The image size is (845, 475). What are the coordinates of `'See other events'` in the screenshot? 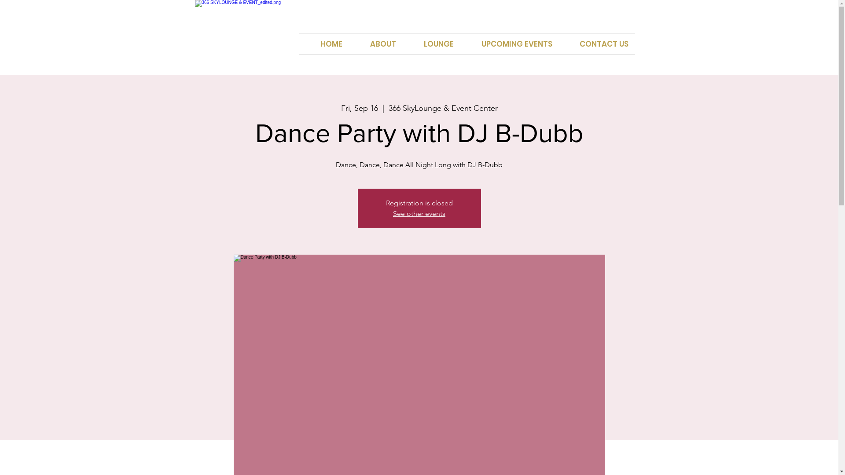 It's located at (419, 213).